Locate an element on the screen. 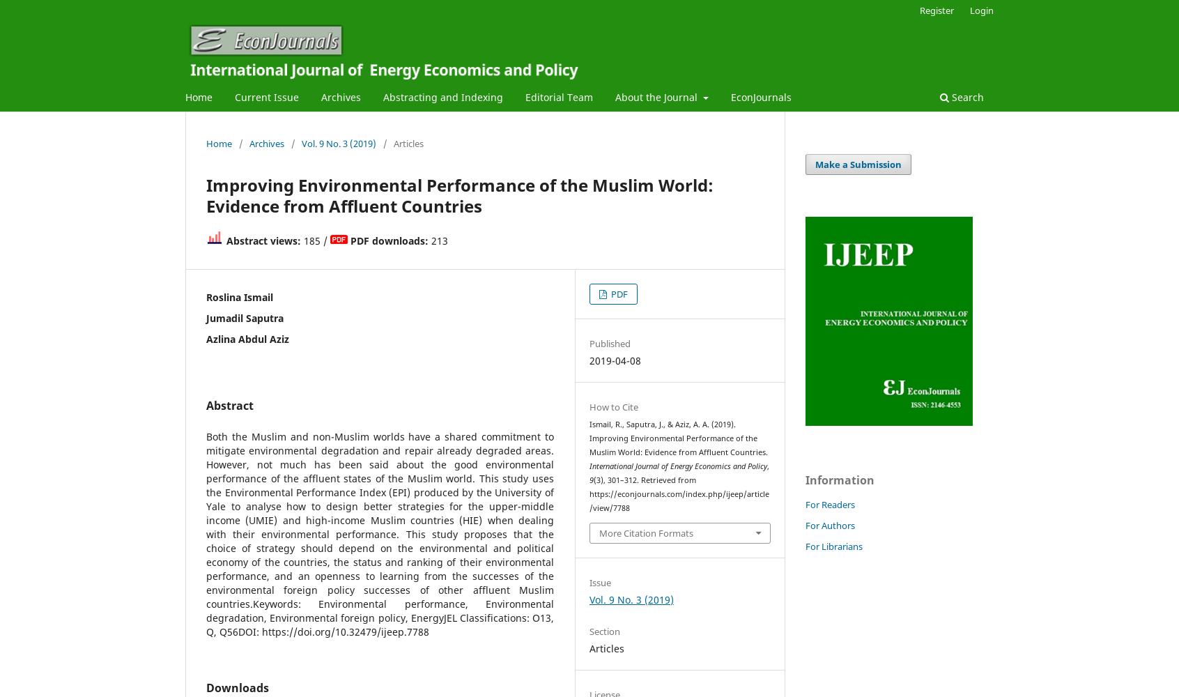  'More Citation Formats' is located at coordinates (646, 533).